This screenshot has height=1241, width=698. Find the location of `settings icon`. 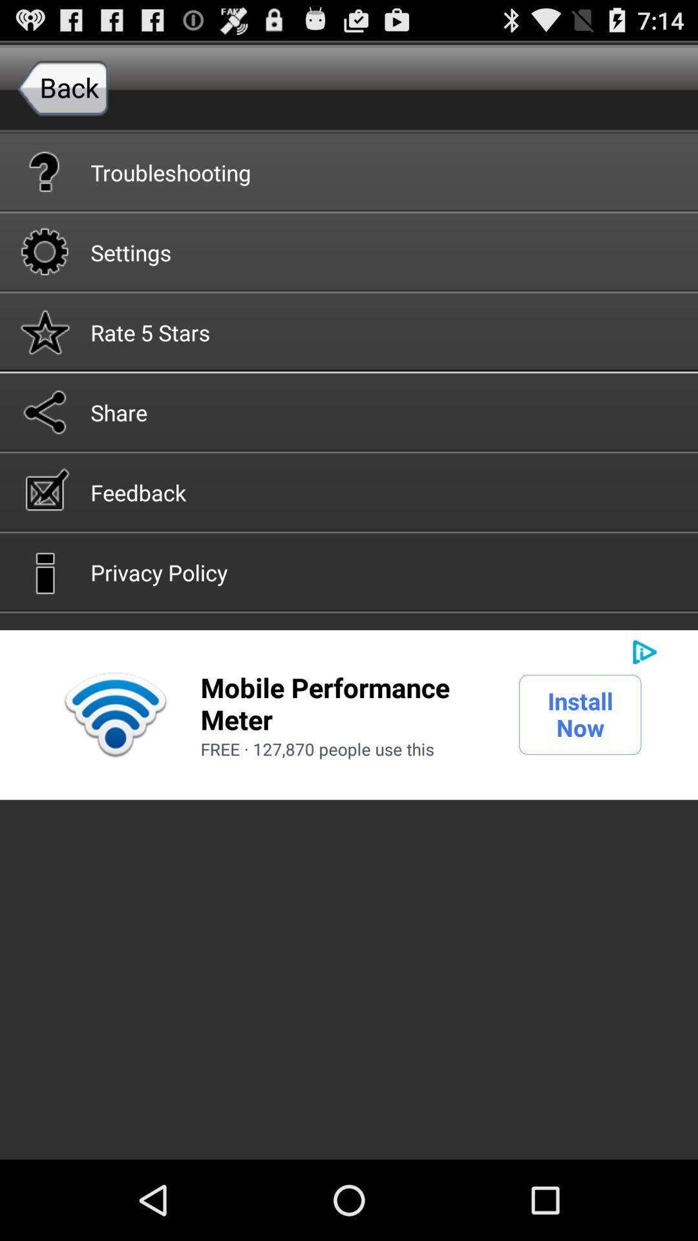

settings icon is located at coordinates (349, 251).